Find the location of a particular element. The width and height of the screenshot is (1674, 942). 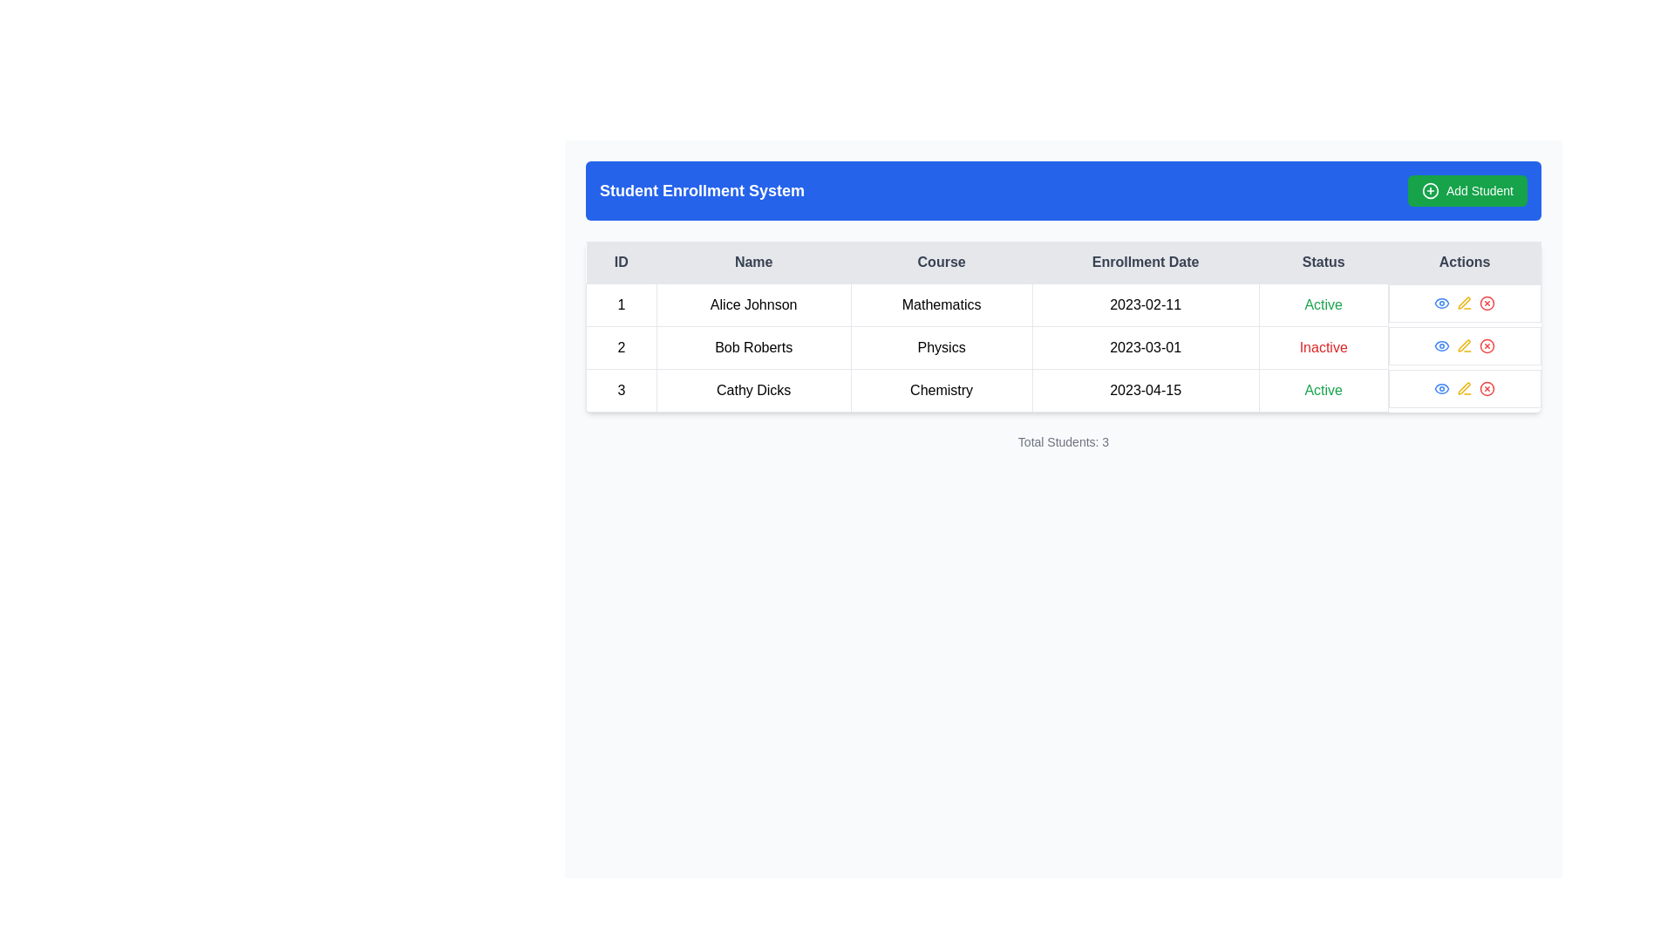

the close button represented by a Circle in the SVG icon within the last row of the 'Student Enrollment System' table is located at coordinates (1487, 387).